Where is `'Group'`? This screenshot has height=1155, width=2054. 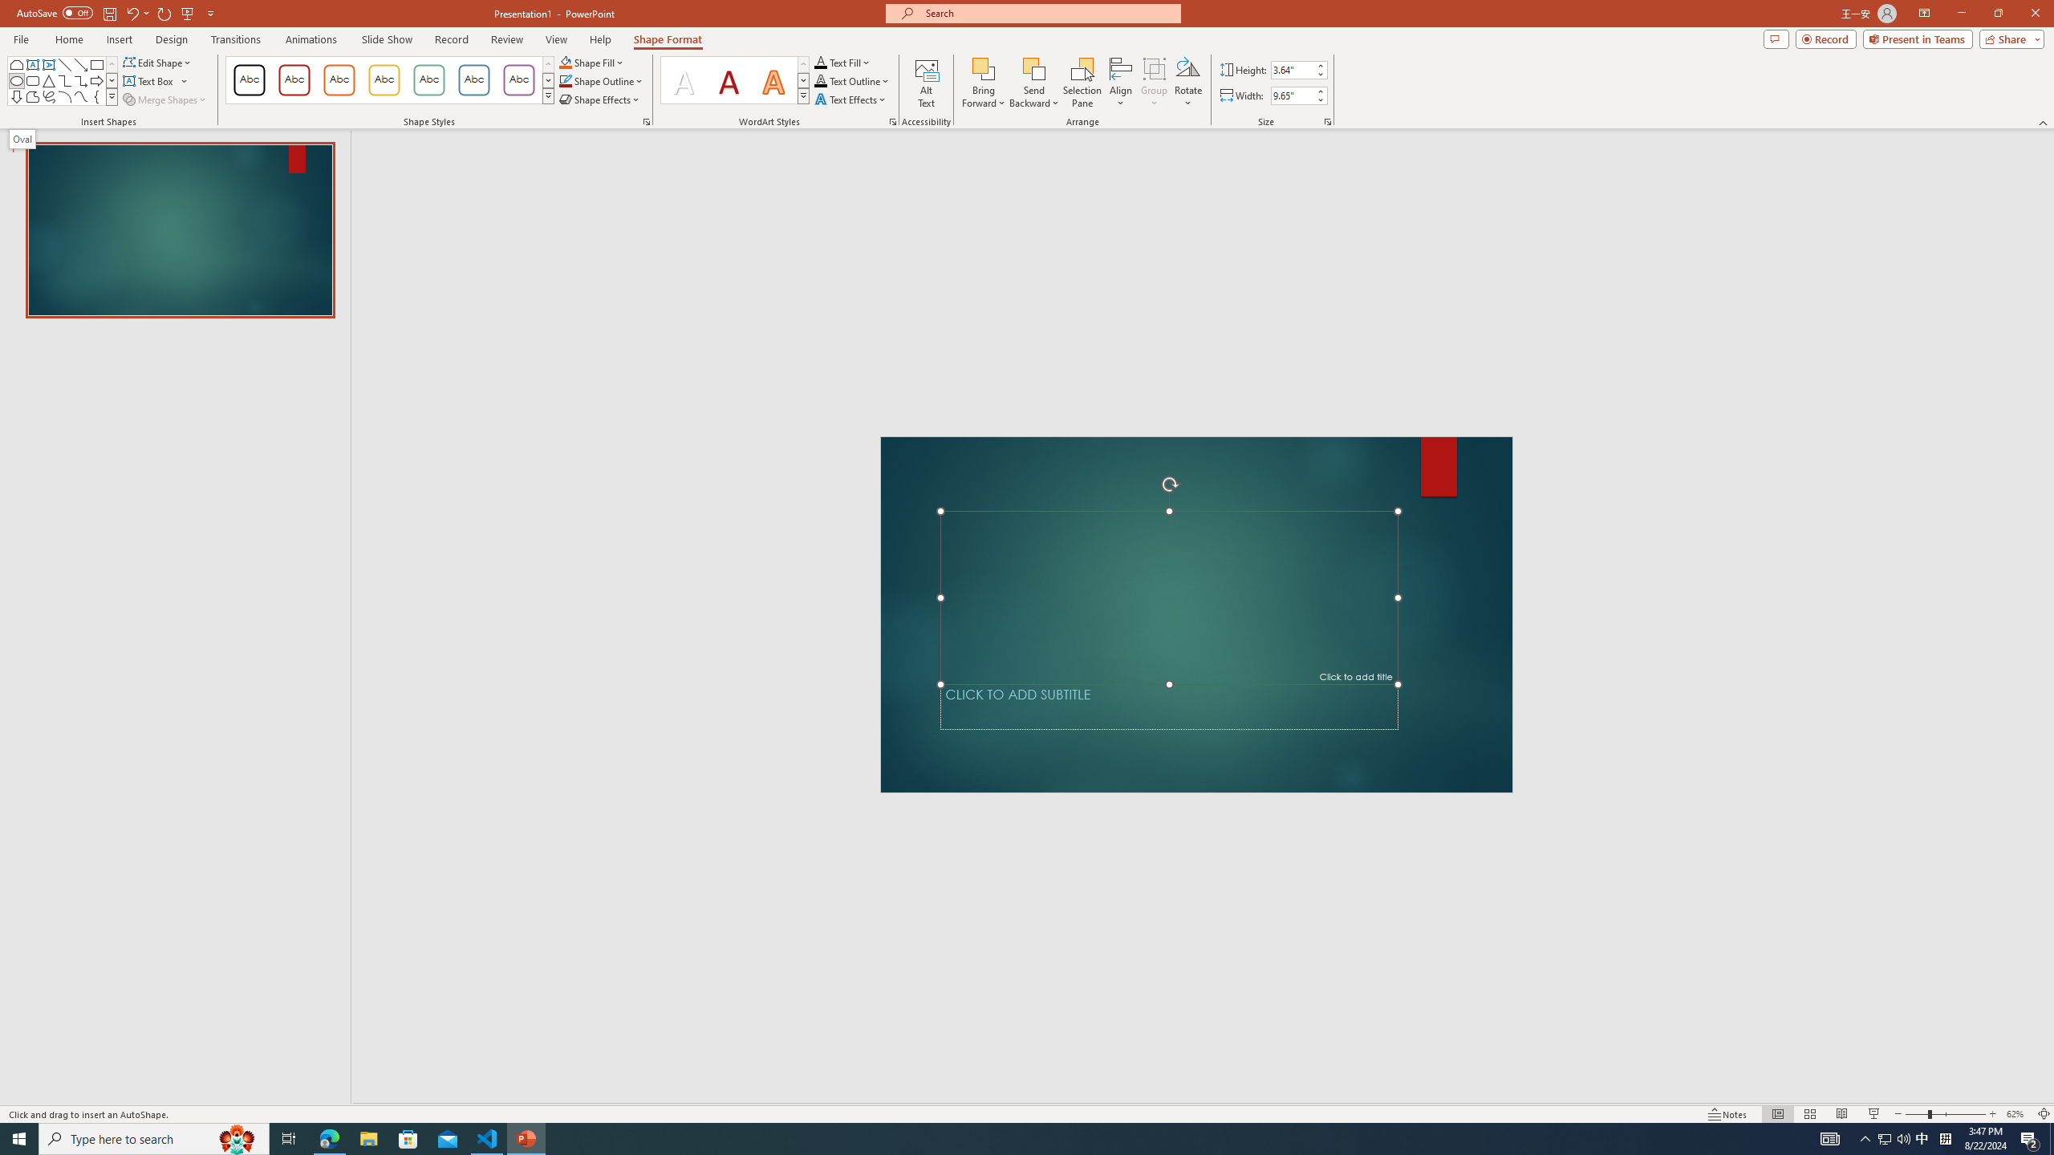
'Group' is located at coordinates (1154, 83).